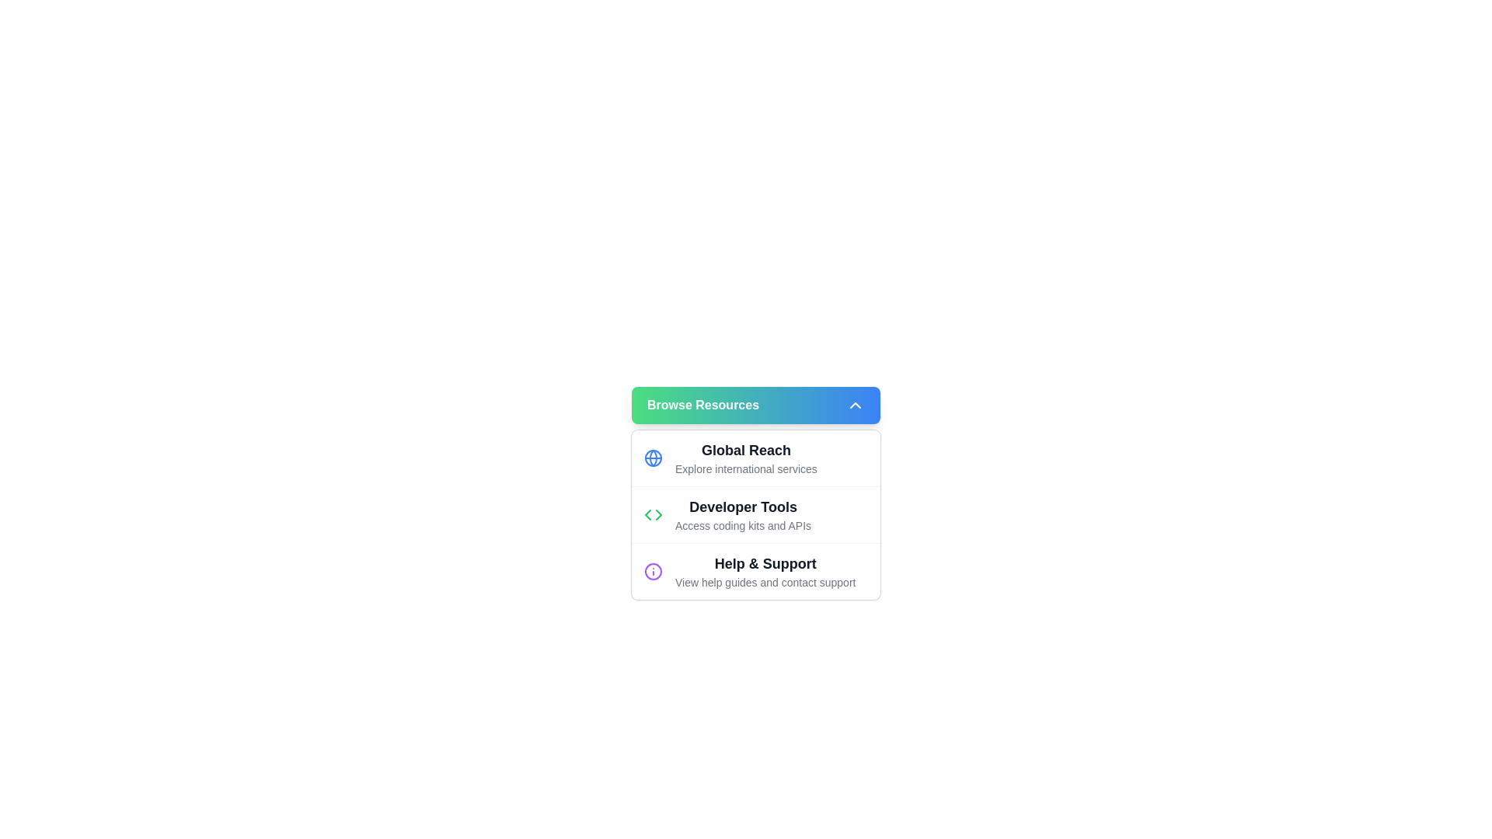 The width and height of the screenshot is (1492, 839). What do you see at coordinates (746, 458) in the screenshot?
I see `the 'Global Reach' text-label navigation item, which is the first item under the 'Browse Resources' header` at bounding box center [746, 458].